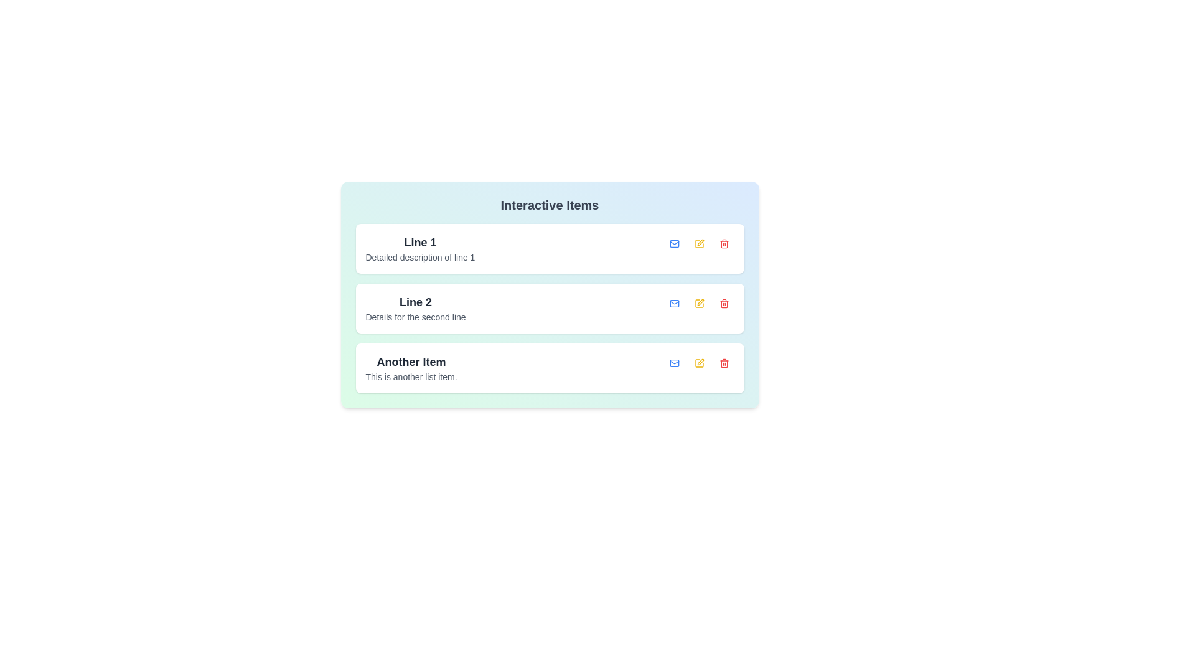  I want to click on the item Line 2 to highlight it, so click(415, 308).